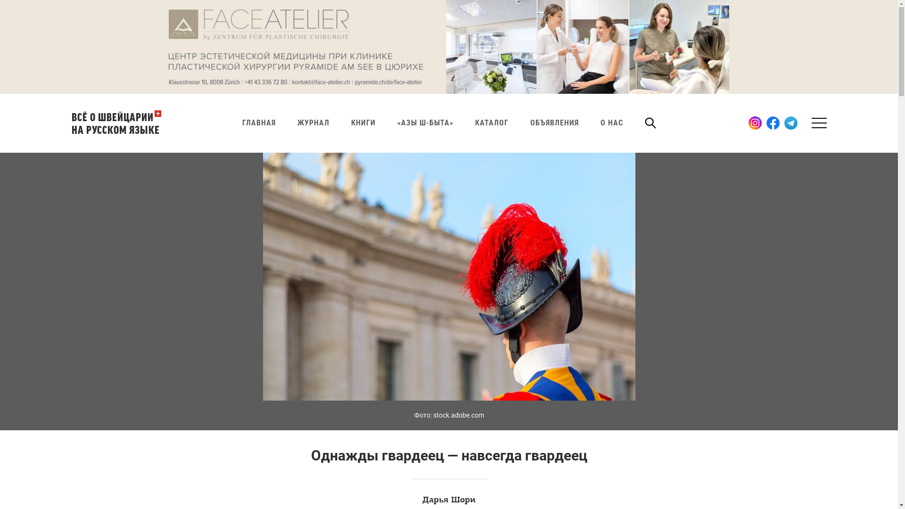  Describe the element at coordinates (791, 123) in the screenshot. I see `'Telegram'` at that location.